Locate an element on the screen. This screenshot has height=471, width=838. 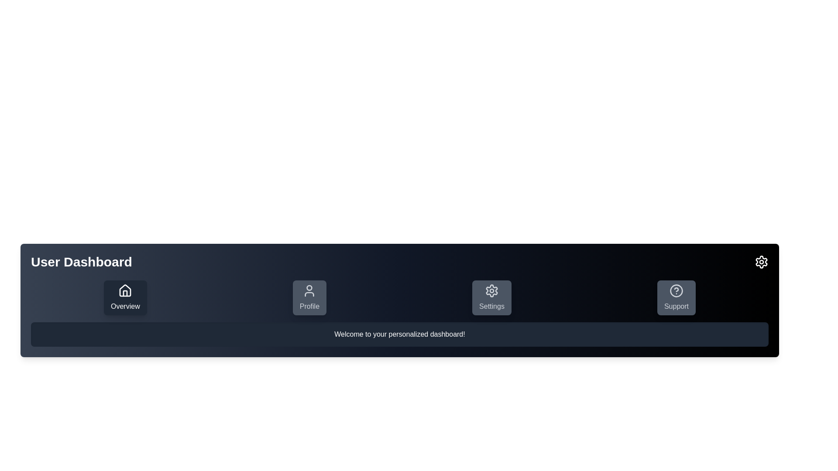
the settings icon located between the profile and support buttons on the dashboard is located at coordinates (492, 291).